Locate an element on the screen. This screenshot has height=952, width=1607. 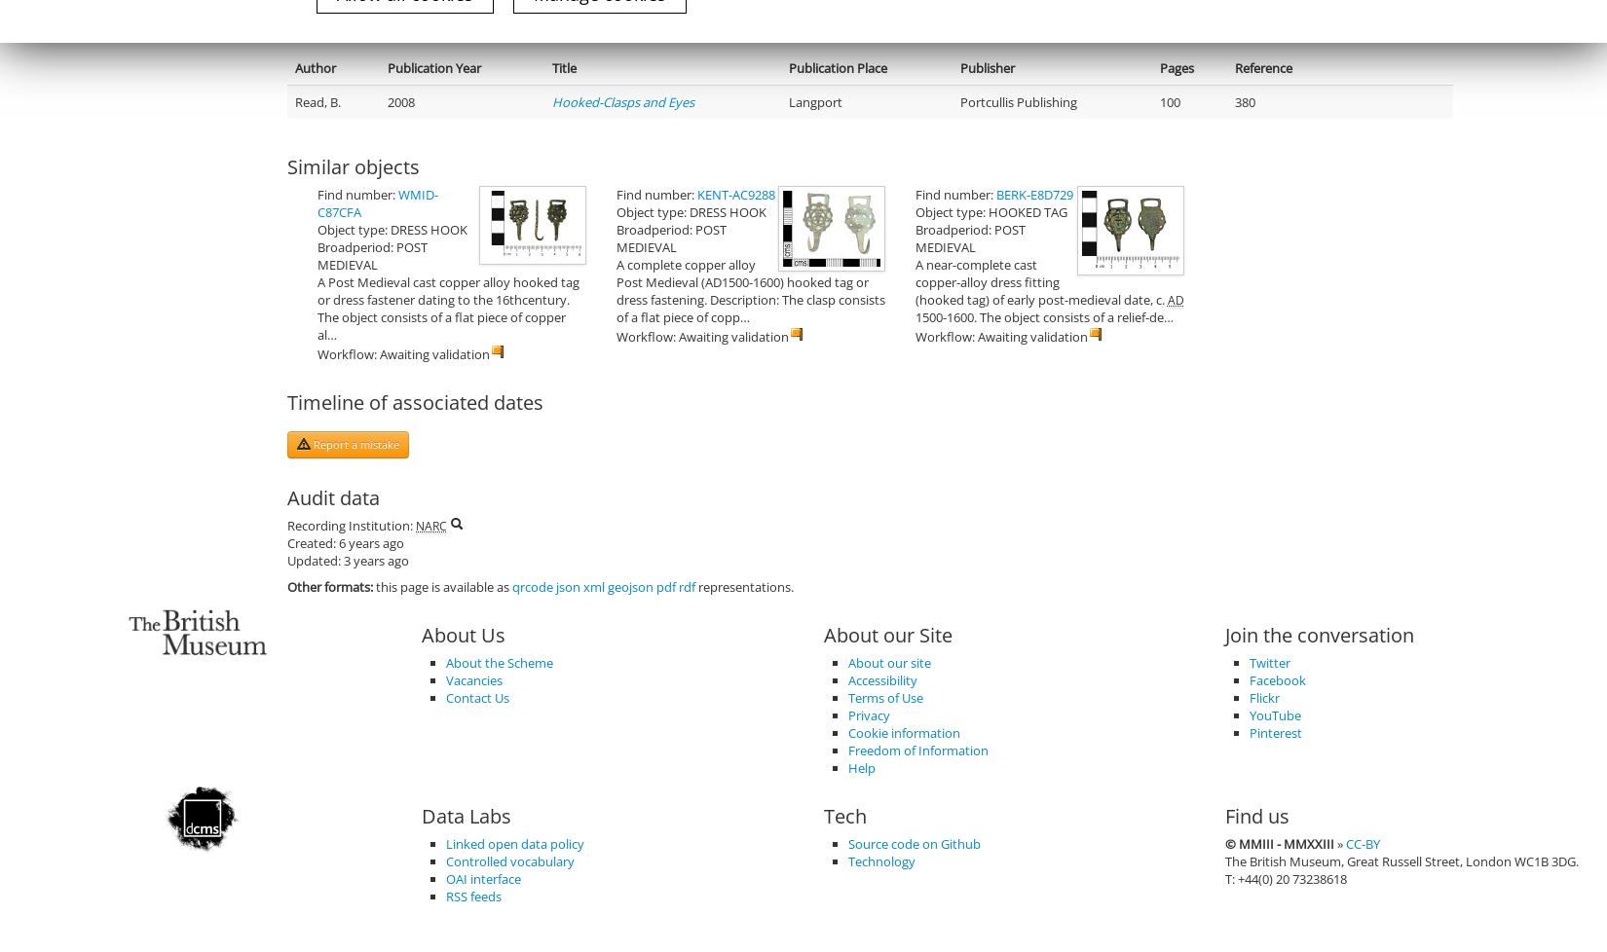
'Report a mistake' is located at coordinates (355, 443).